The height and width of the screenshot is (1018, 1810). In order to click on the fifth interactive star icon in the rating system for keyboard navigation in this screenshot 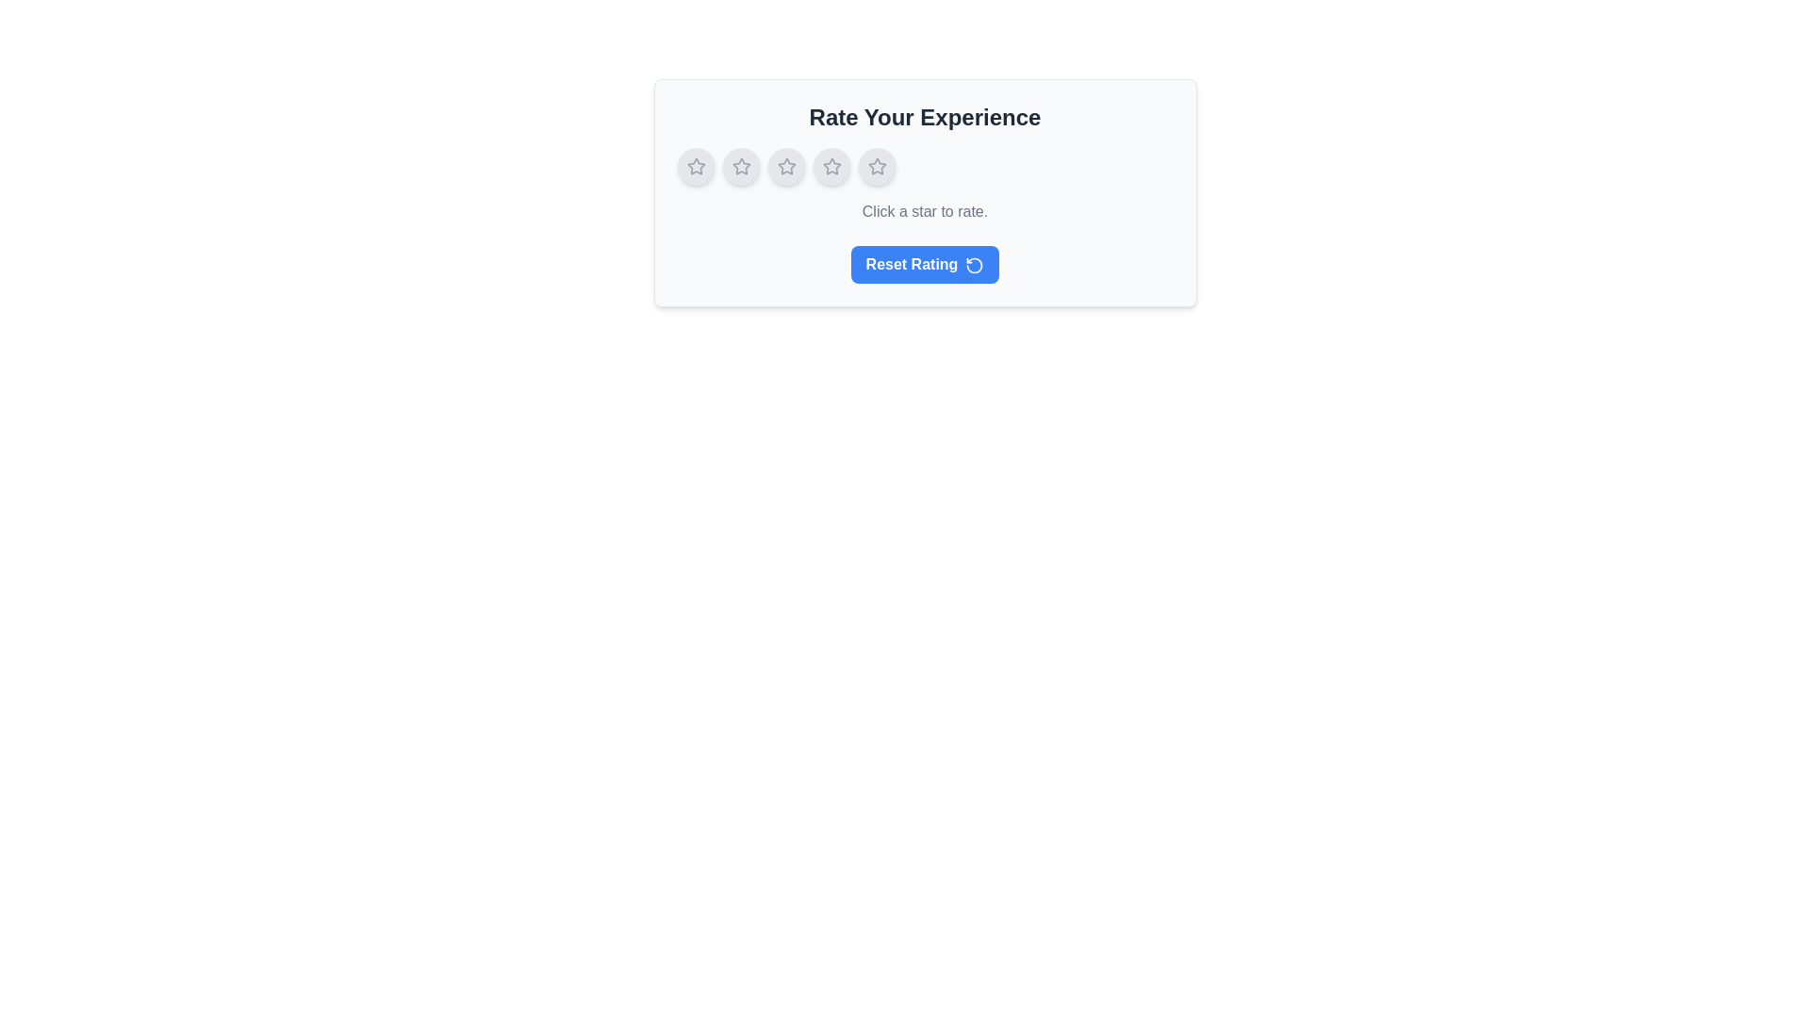, I will do `click(876, 166)`.